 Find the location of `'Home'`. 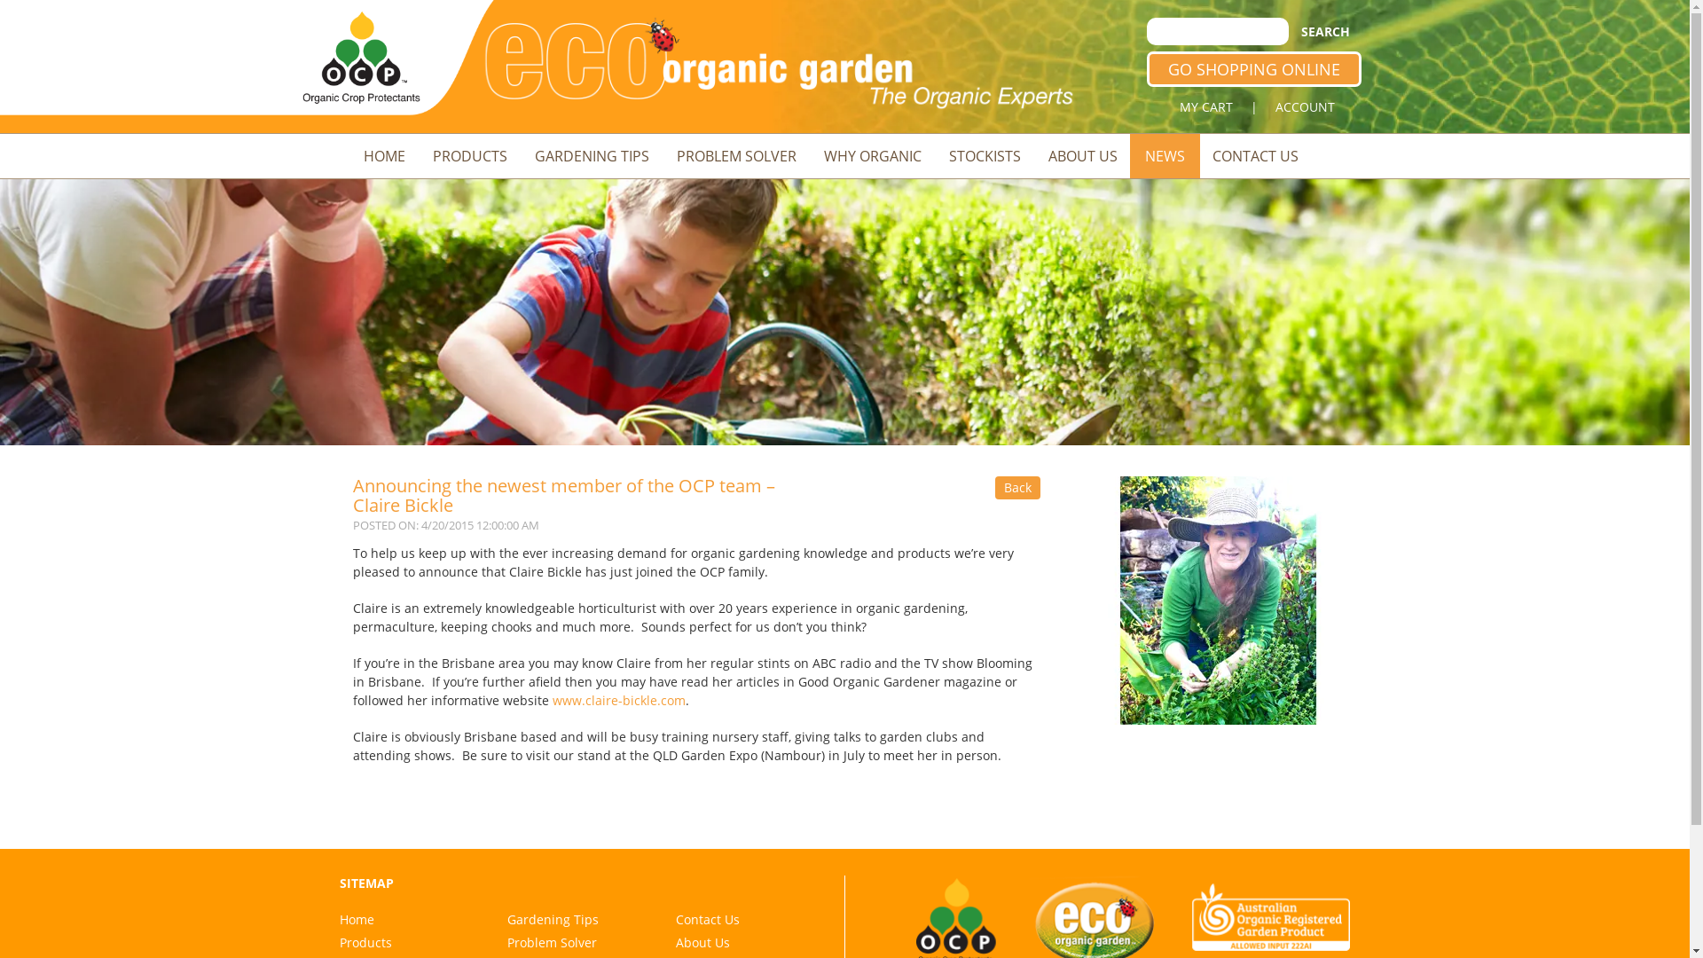

'Home' is located at coordinates (355, 918).